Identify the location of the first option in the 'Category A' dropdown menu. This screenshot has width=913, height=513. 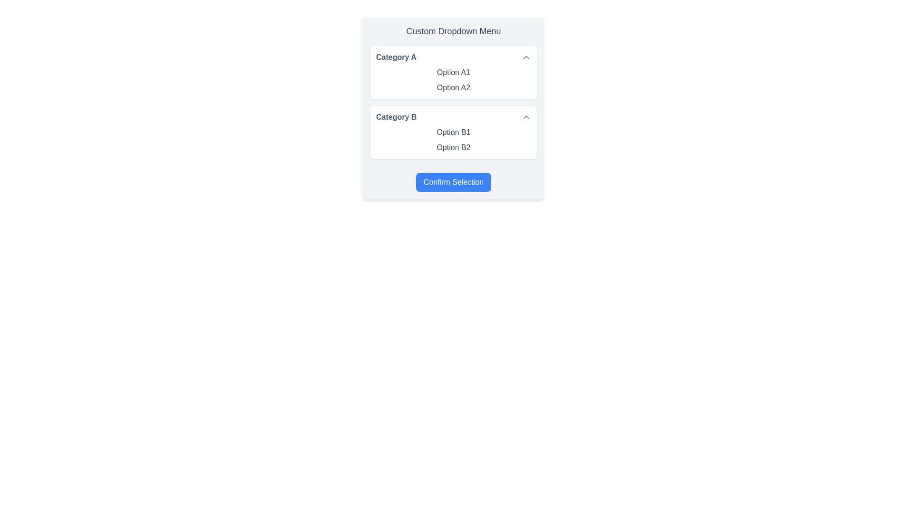
(453, 72).